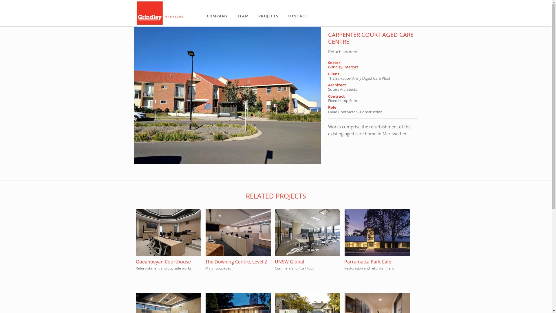 The height and width of the screenshot is (313, 556). I want to click on 'TEAM', so click(237, 15).